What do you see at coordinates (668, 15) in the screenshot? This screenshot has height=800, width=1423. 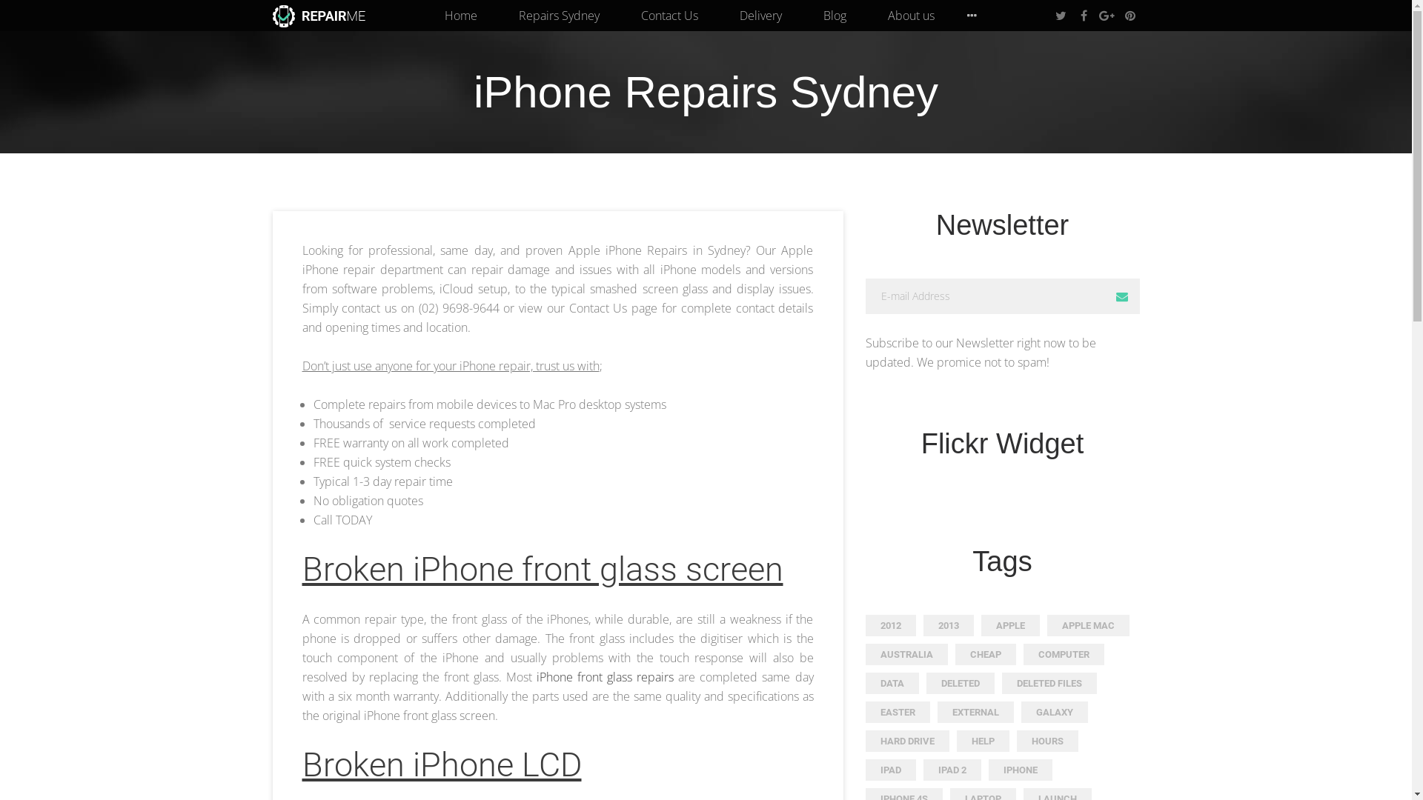 I see `'Contact Us'` at bounding box center [668, 15].